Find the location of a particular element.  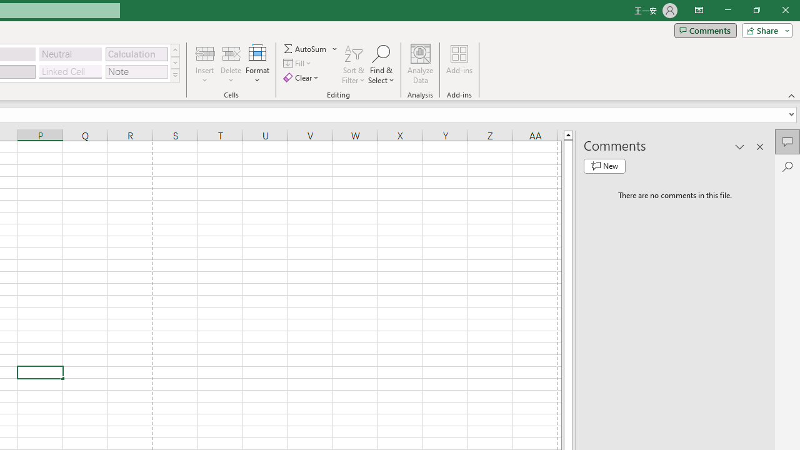

'Ribbon Display Options' is located at coordinates (698, 10).